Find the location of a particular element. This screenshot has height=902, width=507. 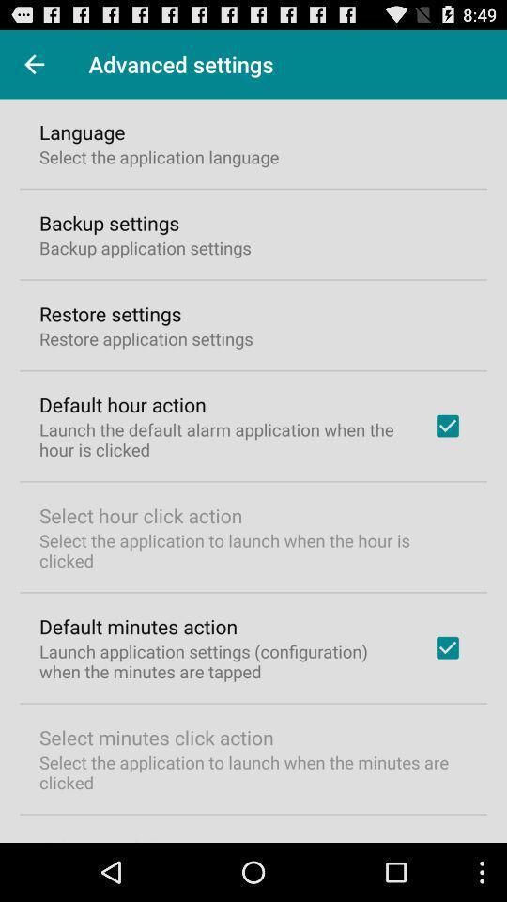

go back is located at coordinates (34, 64).